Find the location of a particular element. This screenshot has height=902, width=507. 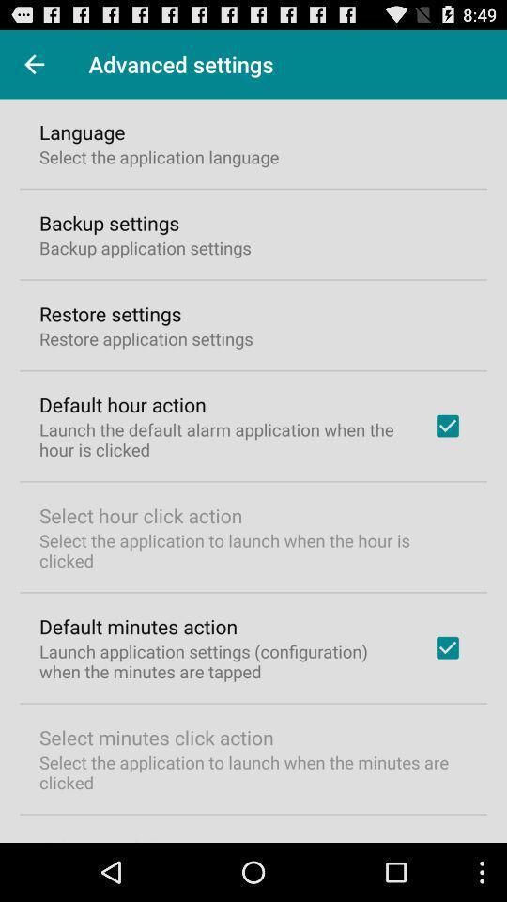

go back is located at coordinates (34, 64).